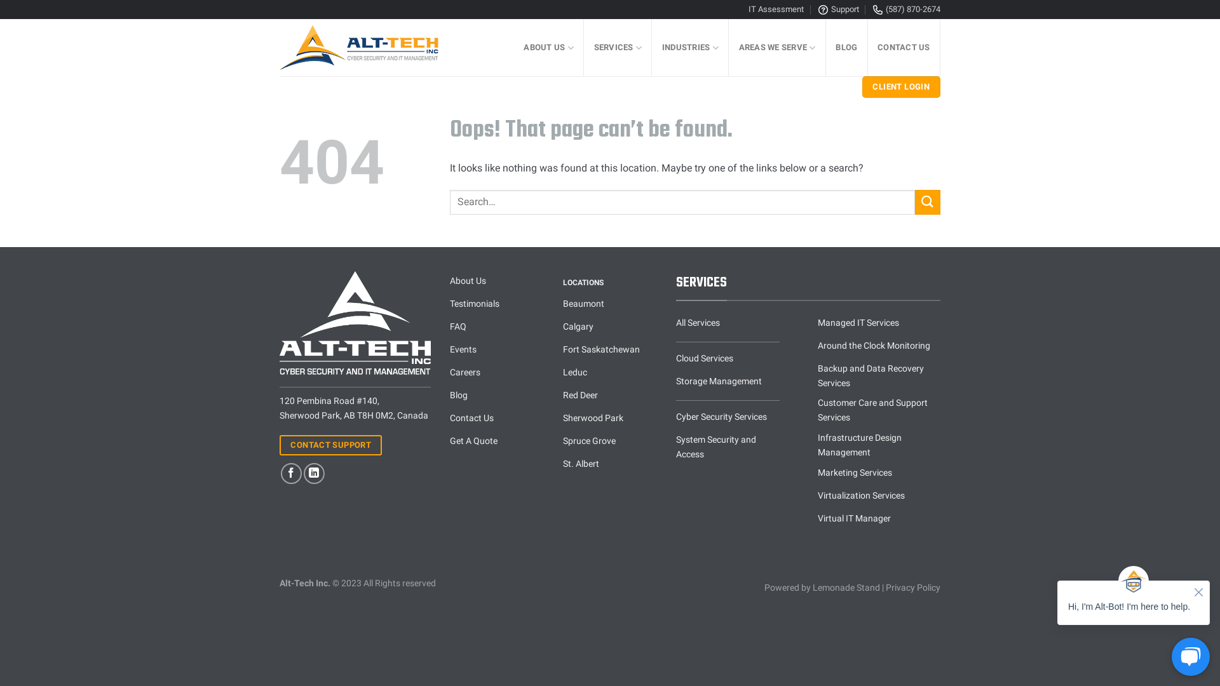  I want to click on 'CLIENT LOGIN', so click(900, 86).